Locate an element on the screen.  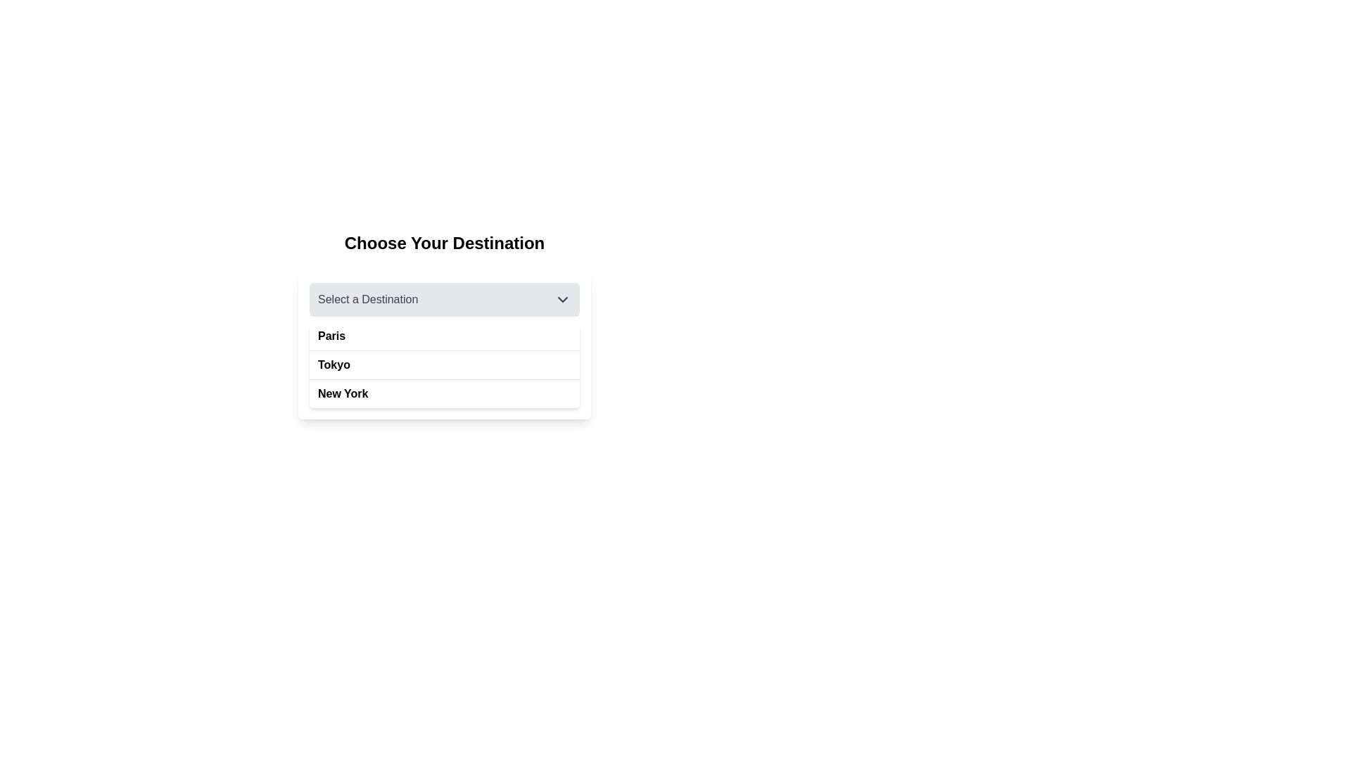
the first option 'Paris' in the dropdown menu labeled 'Choose Your Destination' is located at coordinates (444, 345).